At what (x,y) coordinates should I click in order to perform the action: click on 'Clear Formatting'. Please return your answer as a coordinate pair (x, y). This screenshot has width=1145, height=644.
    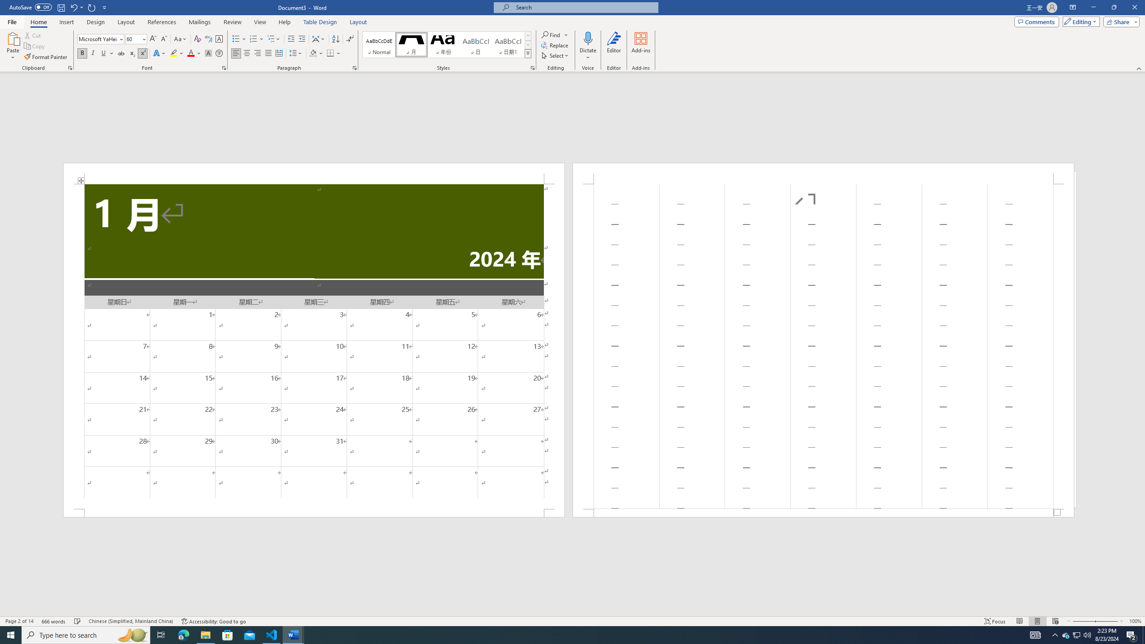
    Looking at the image, I should click on (197, 39).